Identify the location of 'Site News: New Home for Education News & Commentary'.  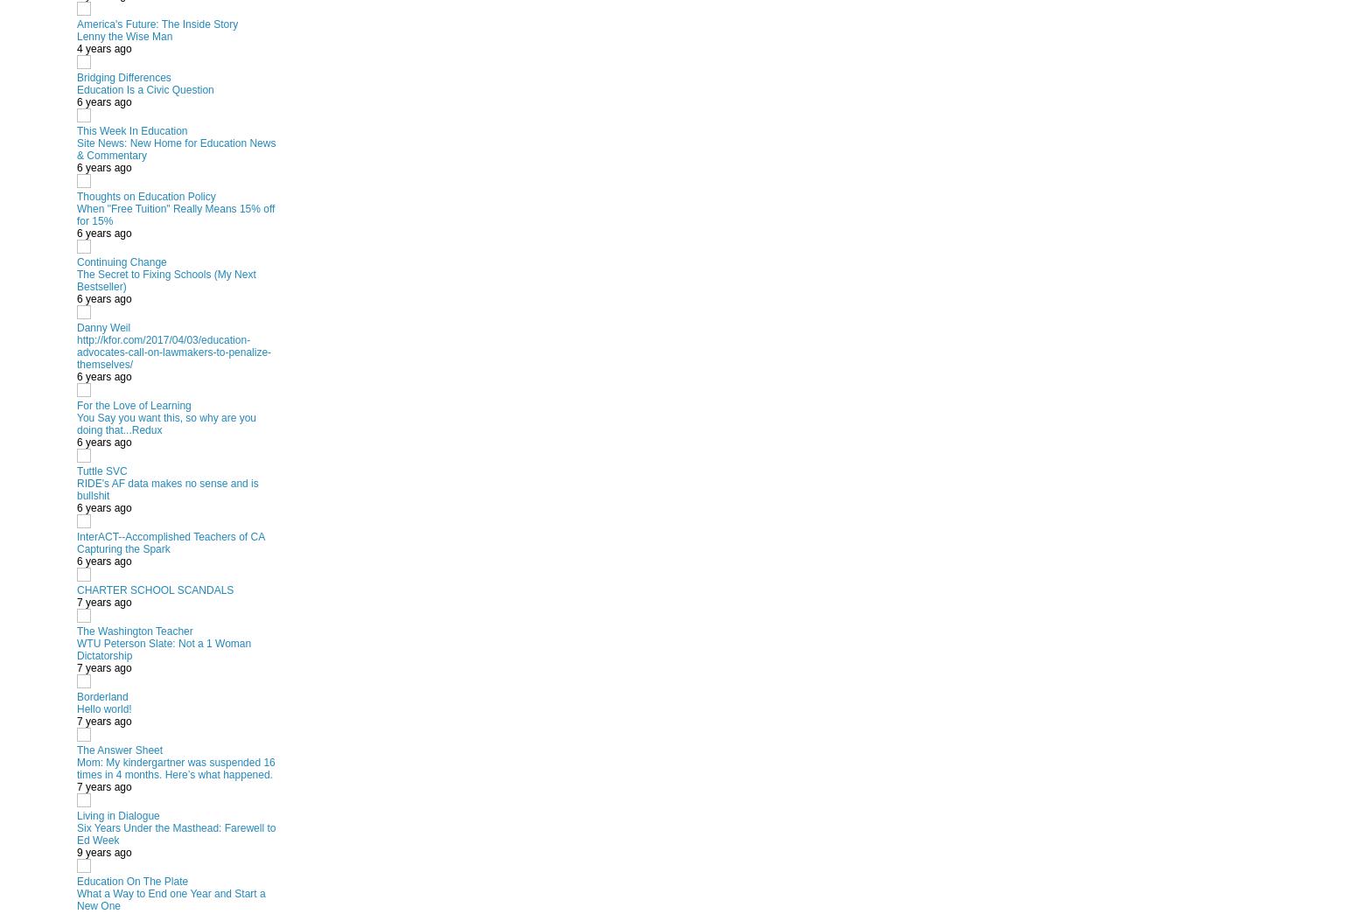
(76, 148).